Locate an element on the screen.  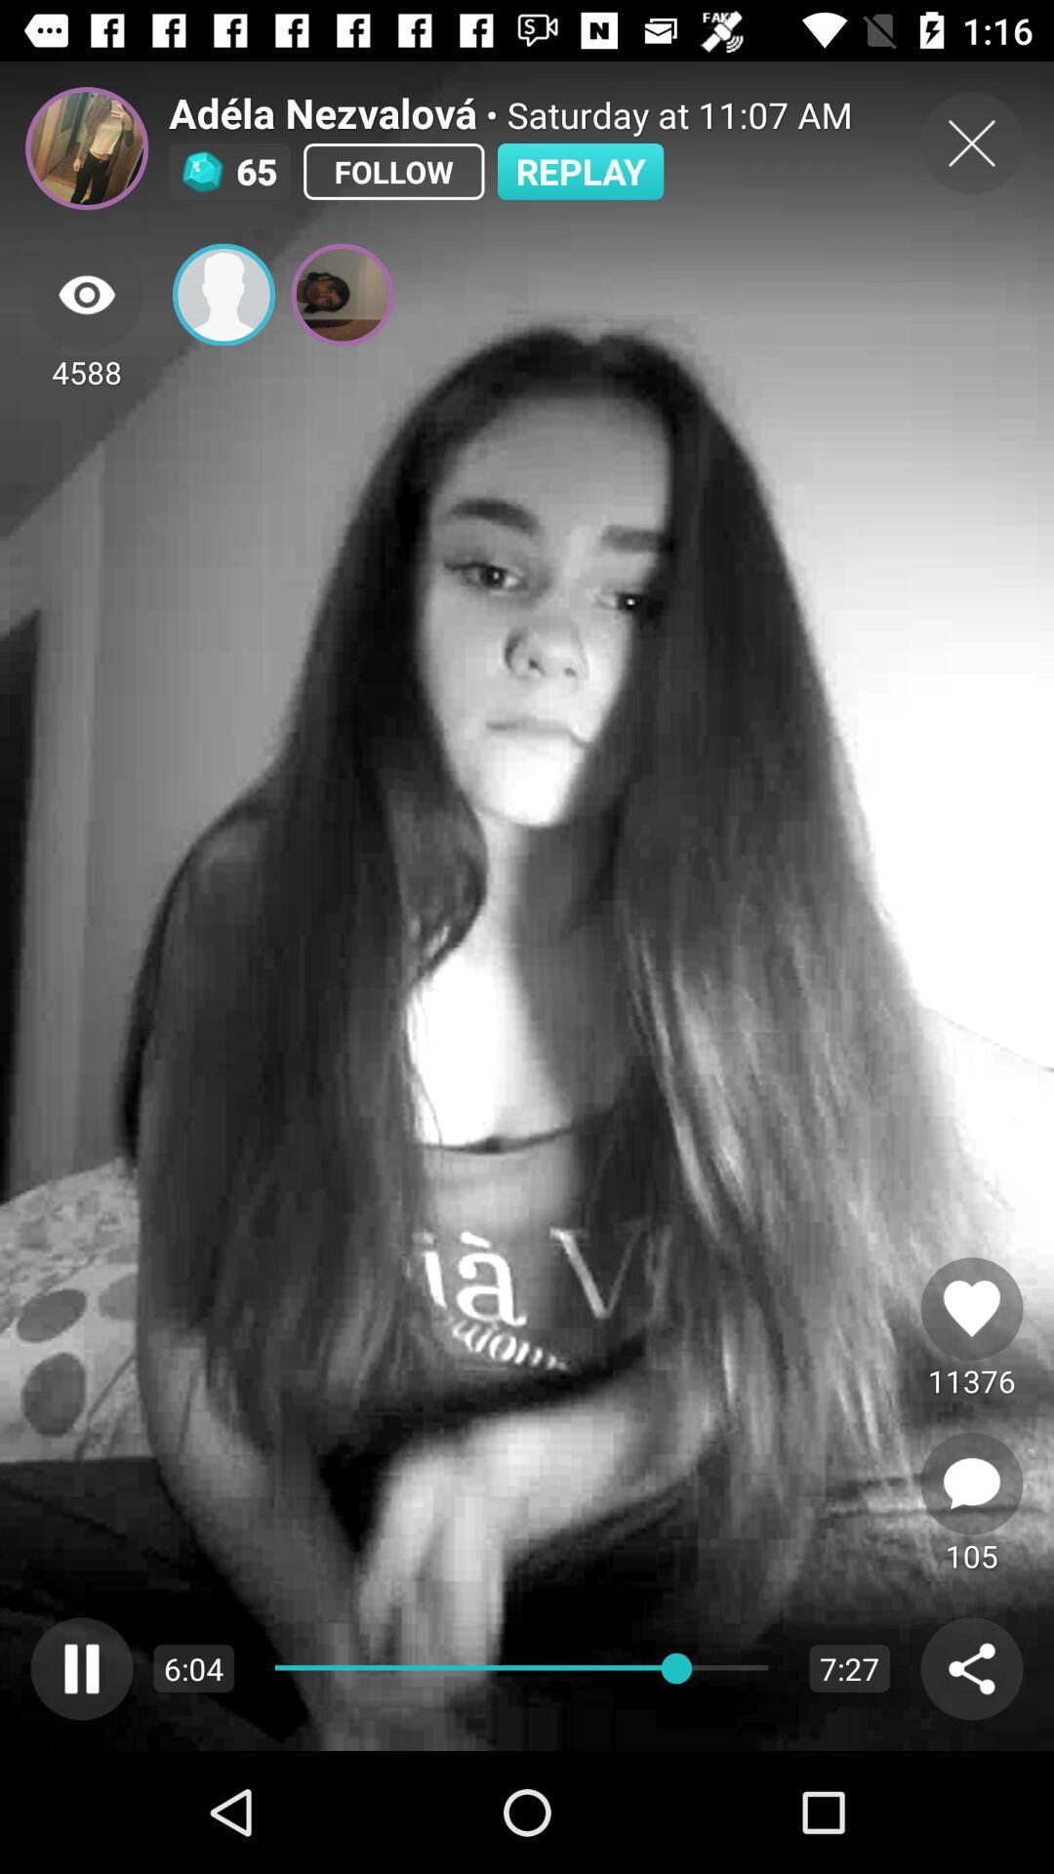
frazzle is located at coordinates (86, 147).